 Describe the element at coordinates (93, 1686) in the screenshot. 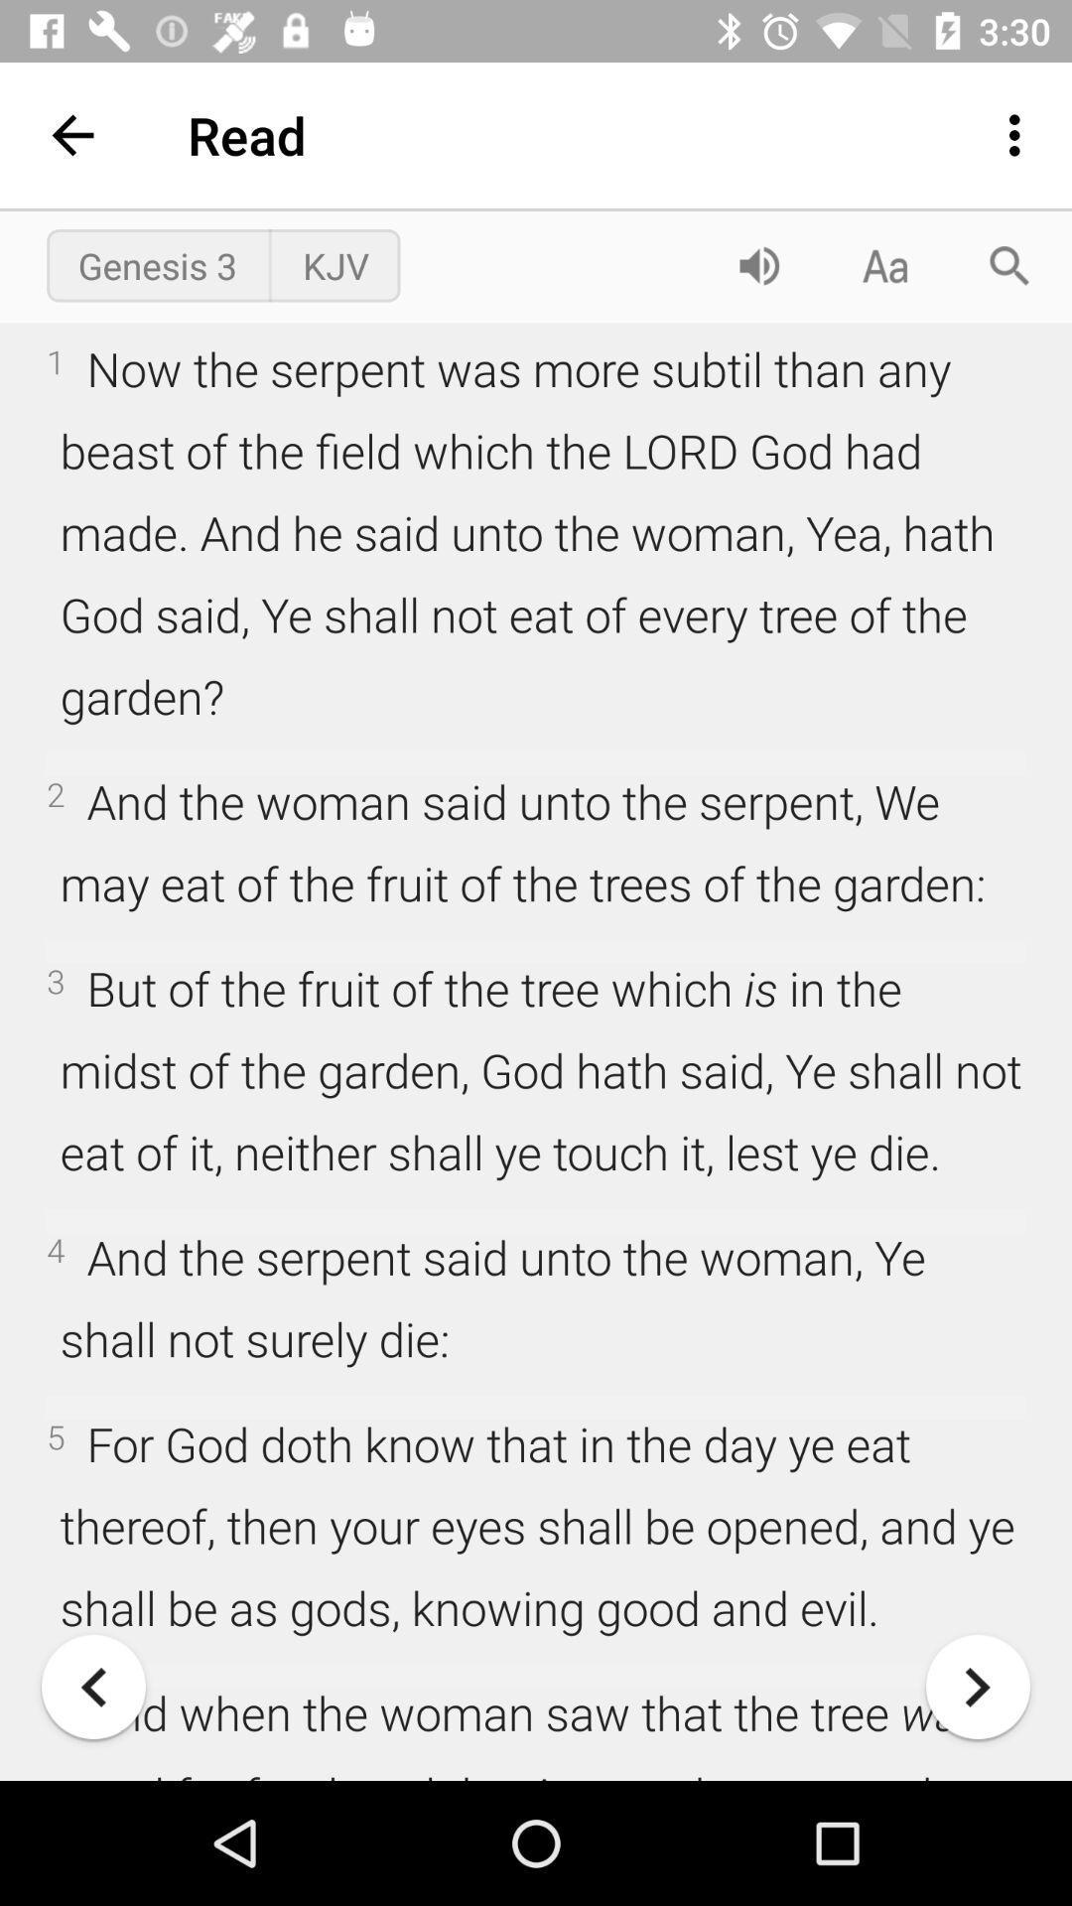

I see `the icon at the bottom left corner` at that location.